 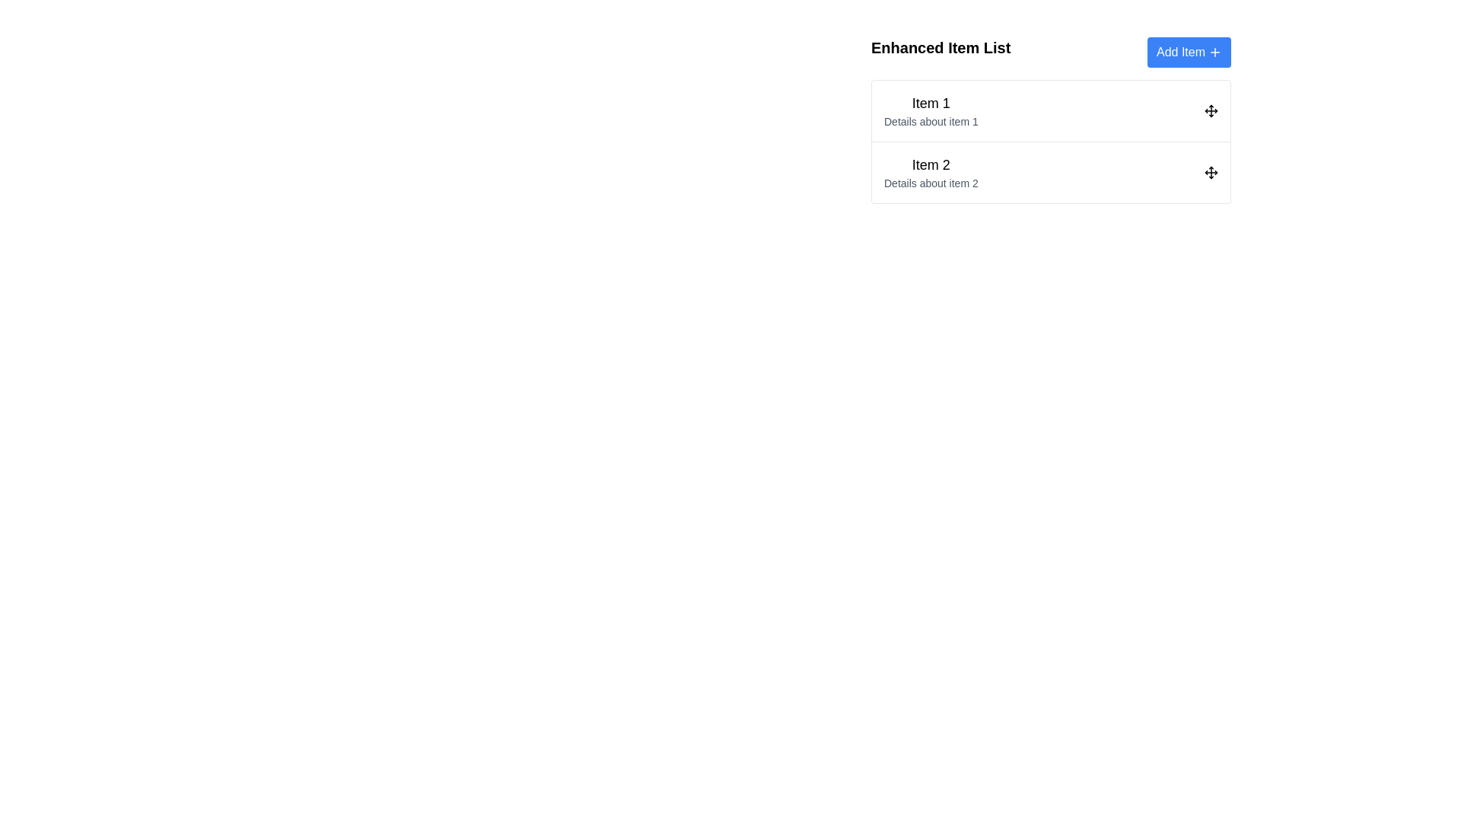 I want to click on the addition icon located on the right-hand side of the 'Add Item' button, so click(x=1214, y=52).